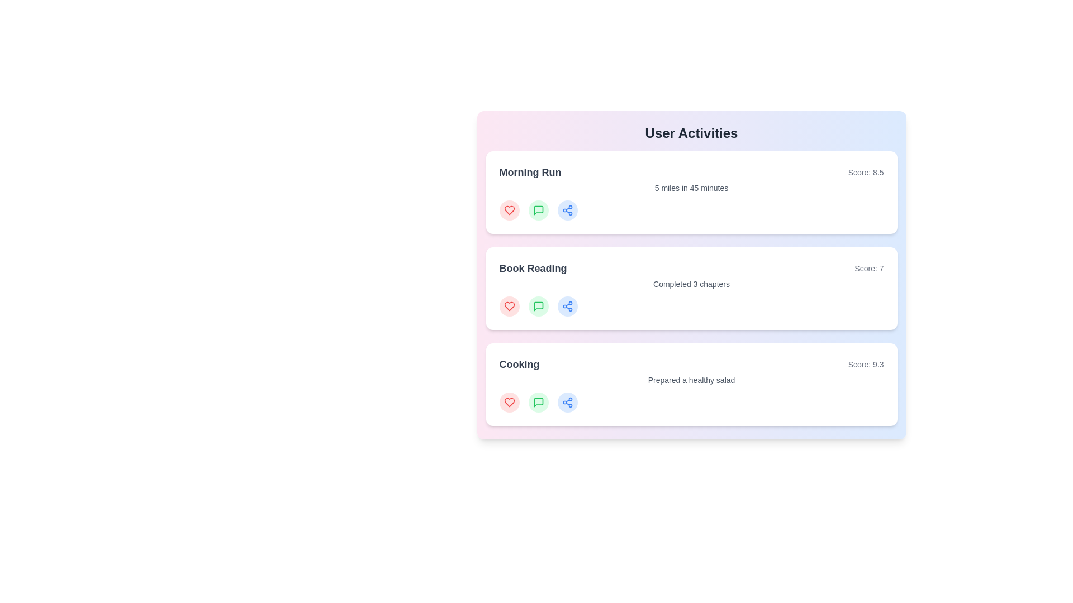 The width and height of the screenshot is (1073, 603). What do you see at coordinates (538, 403) in the screenshot?
I see `'comment' button on the activity card for Cooking` at bounding box center [538, 403].